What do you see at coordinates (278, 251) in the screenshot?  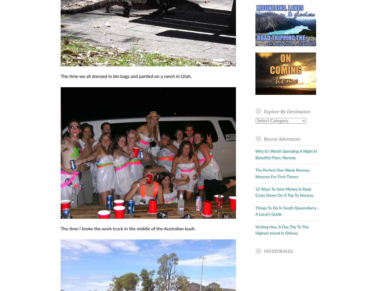 I see `'INSTATRAVEL'` at bounding box center [278, 251].